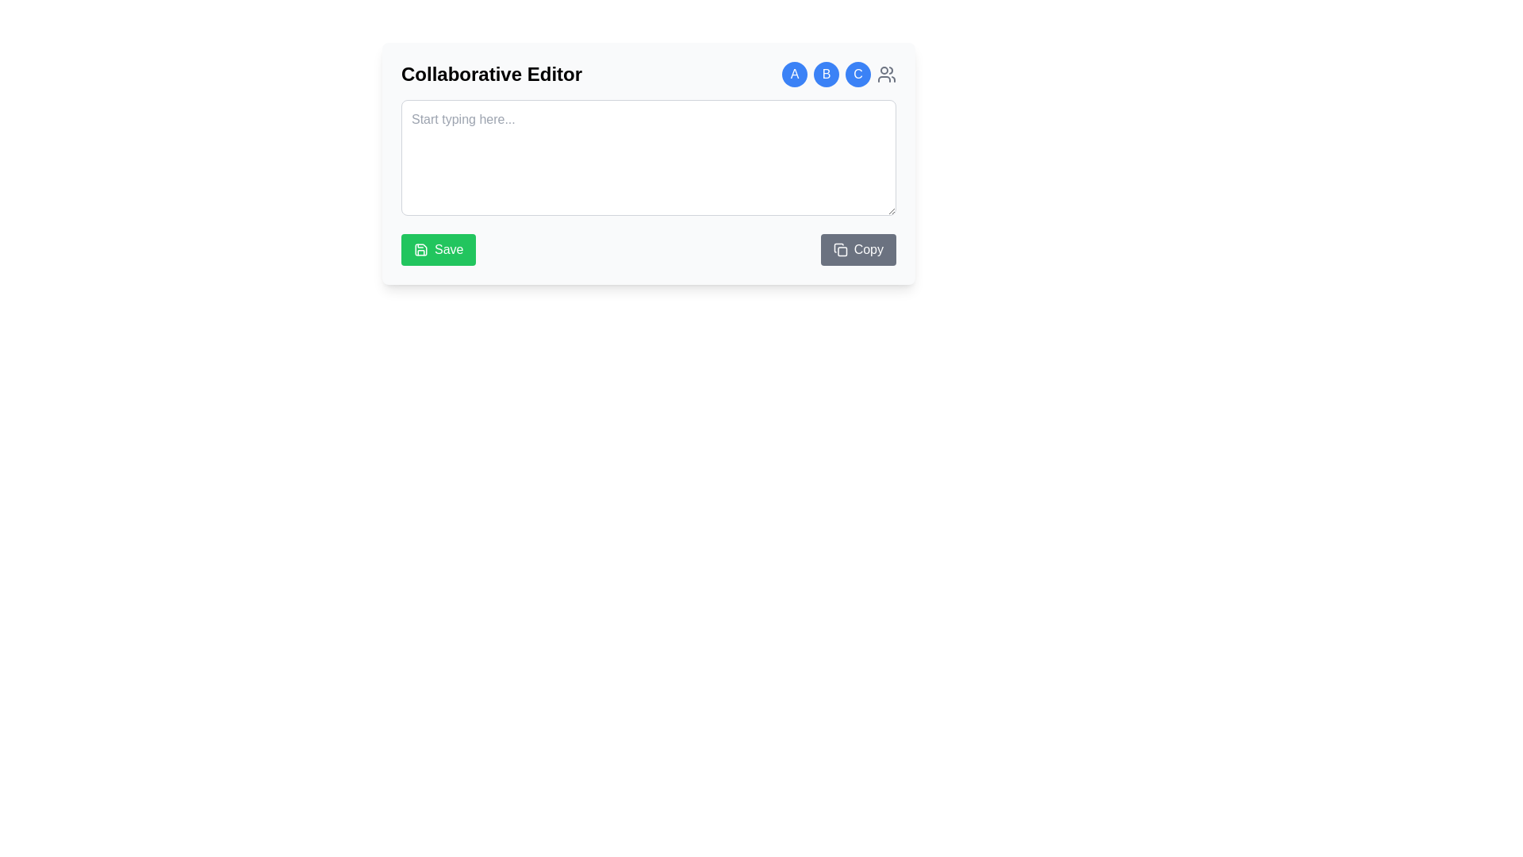  What do you see at coordinates (439, 250) in the screenshot?
I see `keyboard navigation` at bounding box center [439, 250].